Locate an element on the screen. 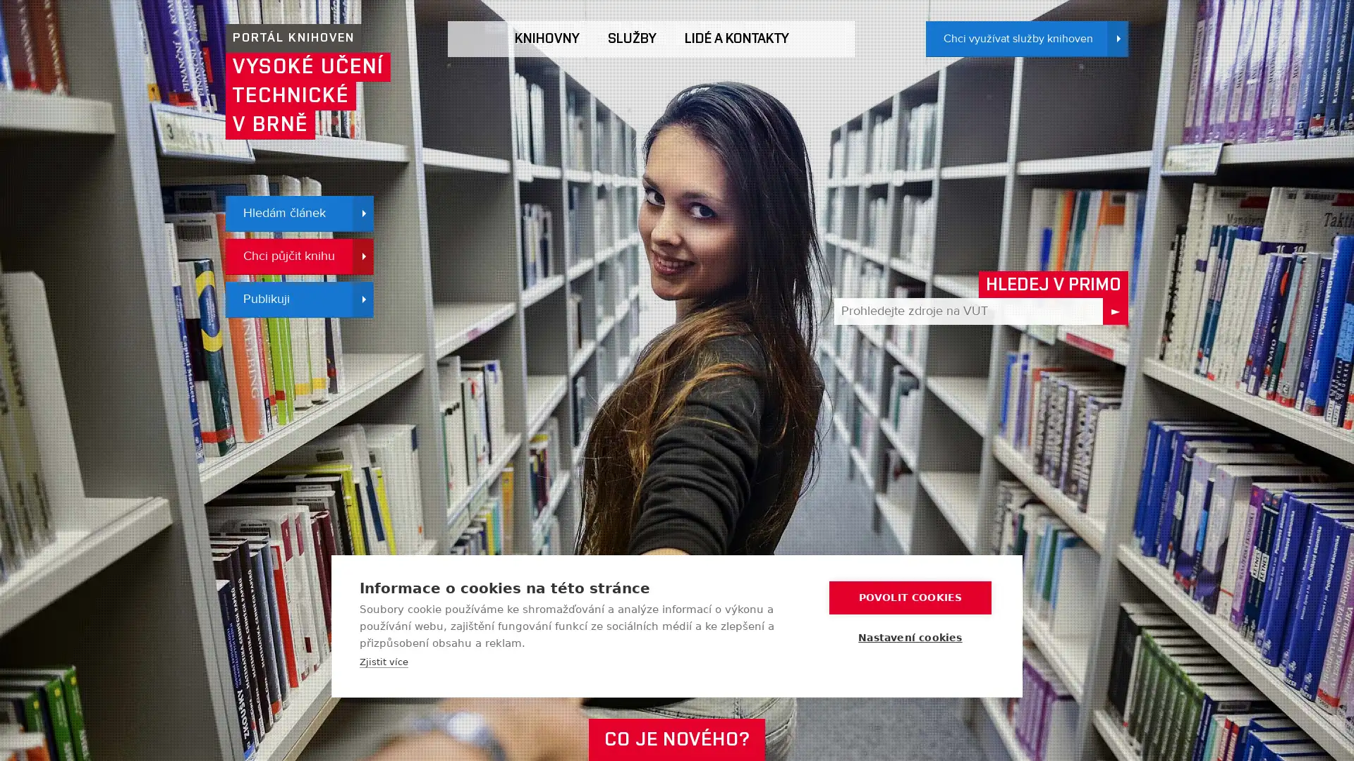  POVOLIT COOKIES is located at coordinates (910, 598).